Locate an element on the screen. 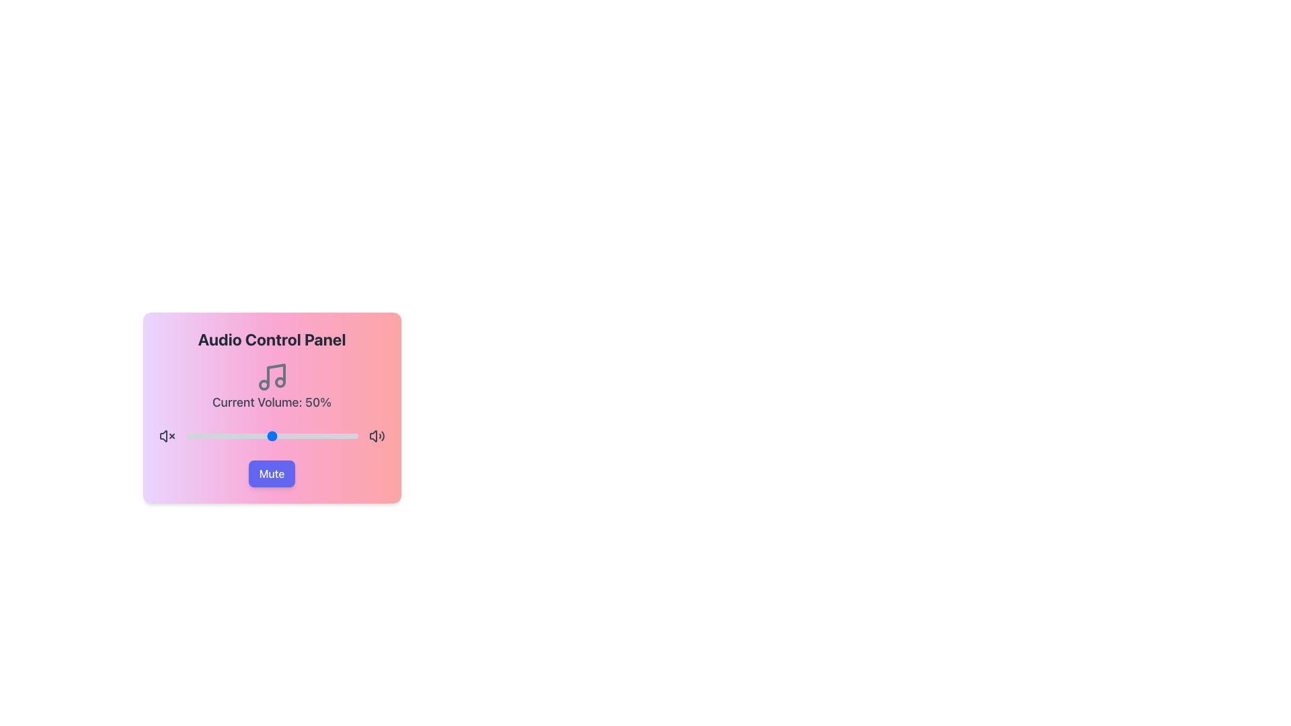 The height and width of the screenshot is (726, 1291). the volume is located at coordinates (262, 436).